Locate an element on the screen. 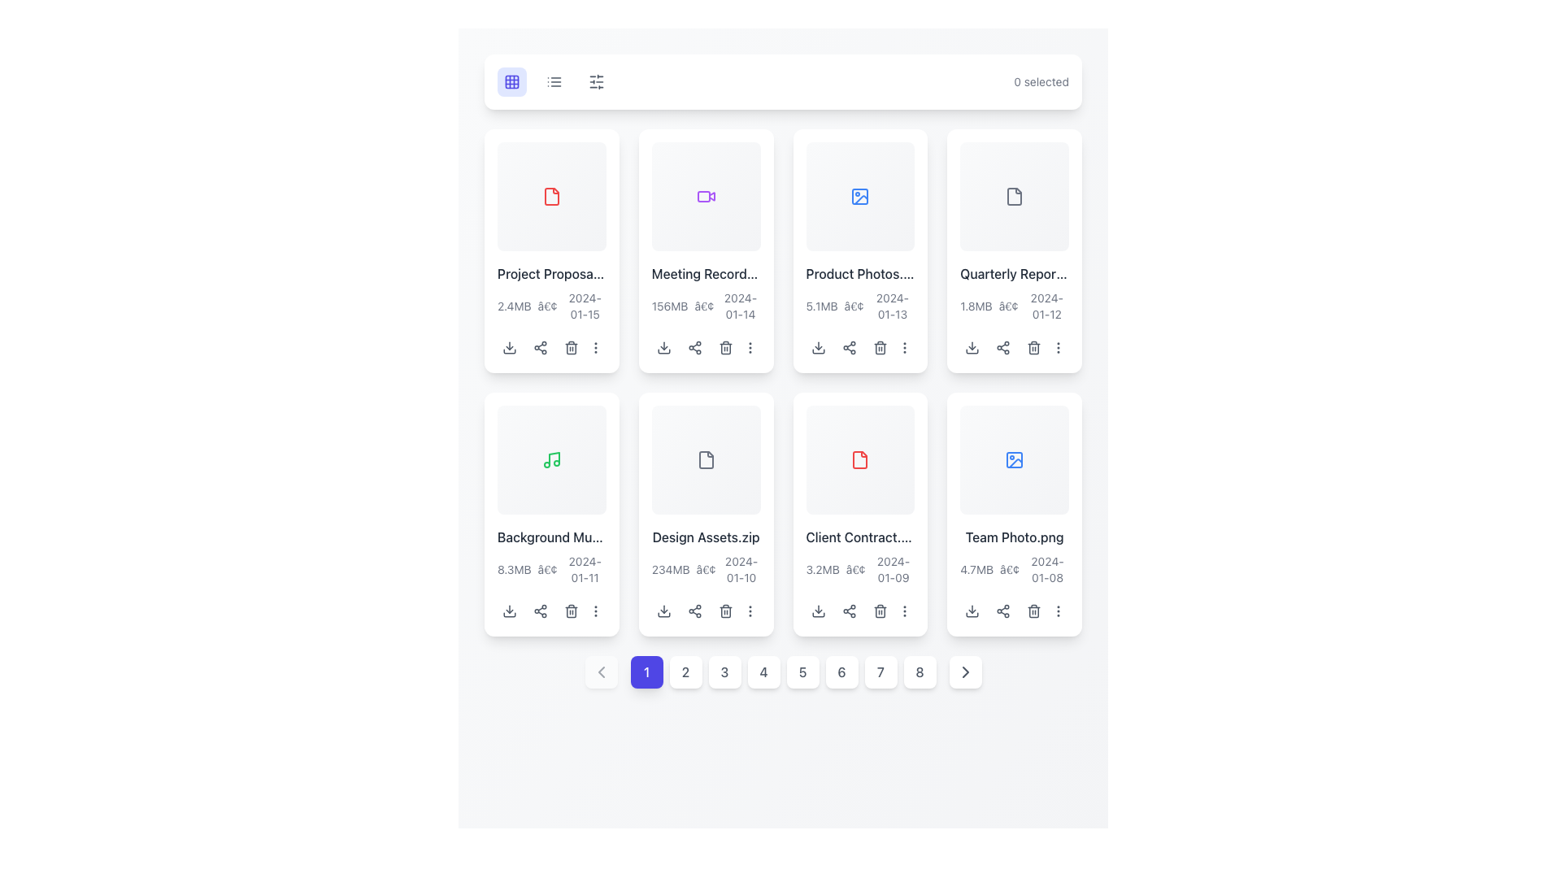 This screenshot has height=878, width=1561. the button located in the top-right corner of the 'Project Proposal...' card is located at coordinates (595, 346).